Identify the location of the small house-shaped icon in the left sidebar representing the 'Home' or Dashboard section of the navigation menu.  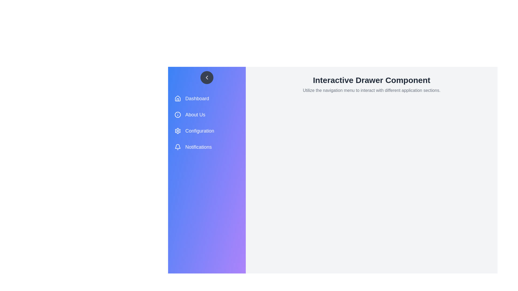
(178, 98).